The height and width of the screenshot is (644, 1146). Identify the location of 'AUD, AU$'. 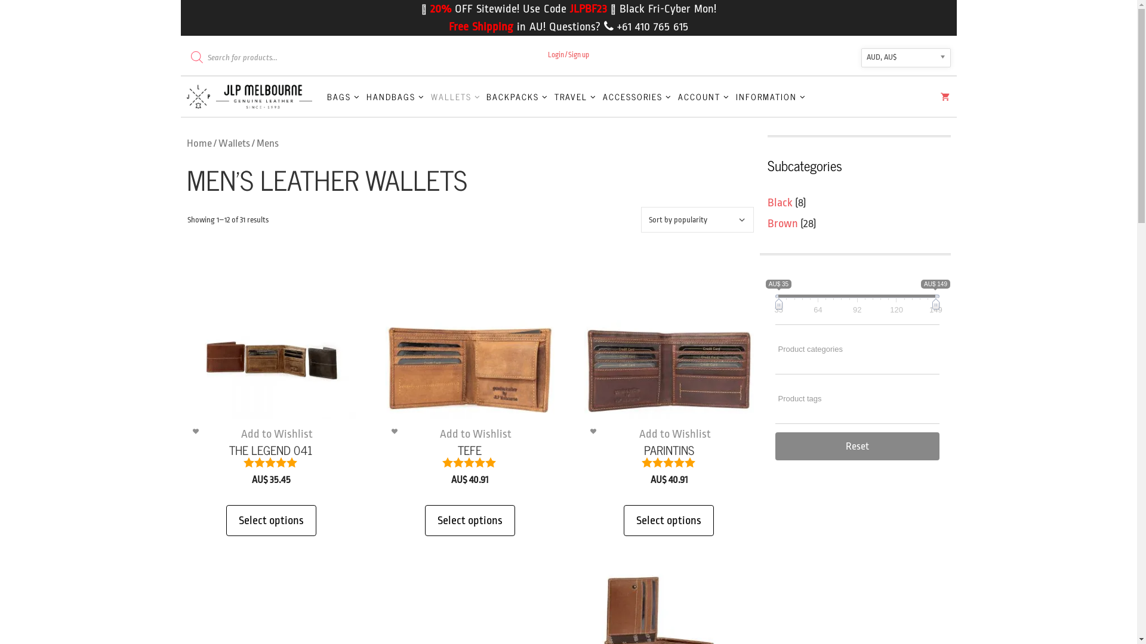
(905, 57).